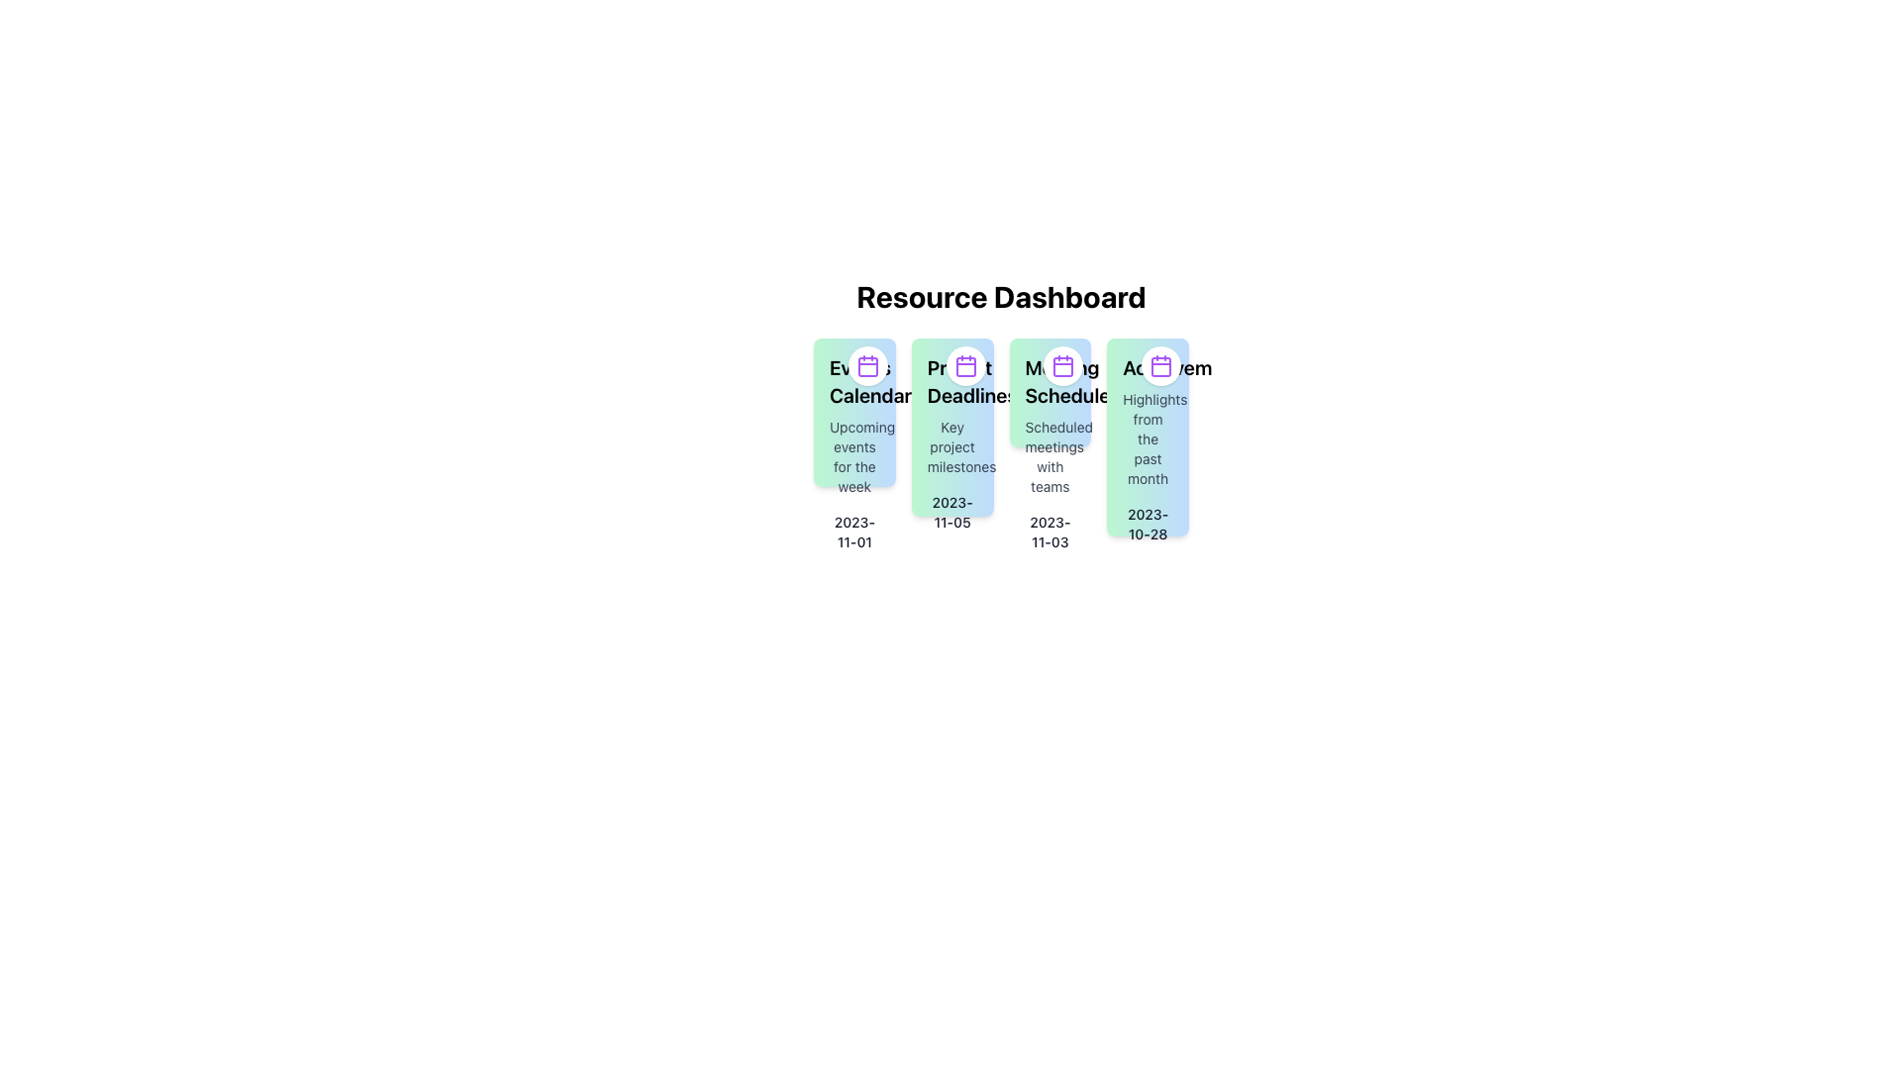  What do you see at coordinates (1062, 366) in the screenshot?
I see `the circular calendar icon with a white background and purple calendar symbol located at the top-right corner of the 'Meeting Schedules' card` at bounding box center [1062, 366].